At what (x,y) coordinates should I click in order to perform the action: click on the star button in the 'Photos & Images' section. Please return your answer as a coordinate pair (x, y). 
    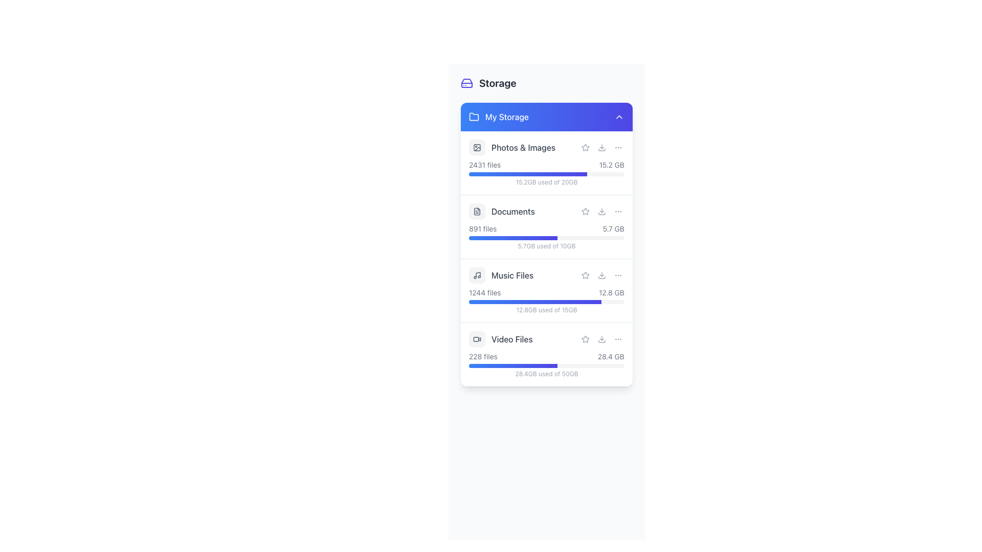
    Looking at the image, I should click on (586, 148).